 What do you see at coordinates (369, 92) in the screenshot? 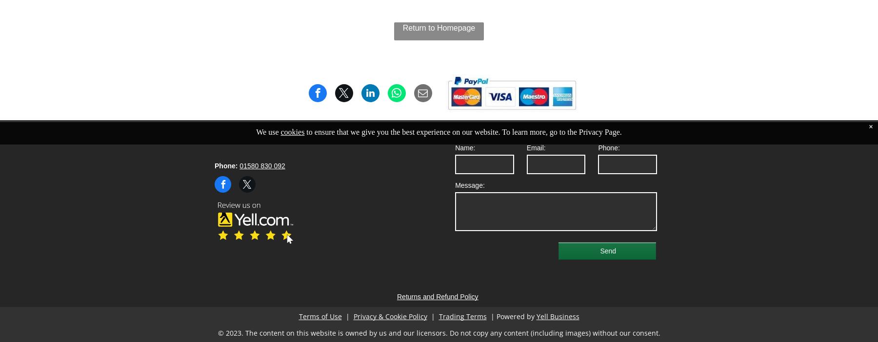
I see `'Other Products'` at bounding box center [369, 92].